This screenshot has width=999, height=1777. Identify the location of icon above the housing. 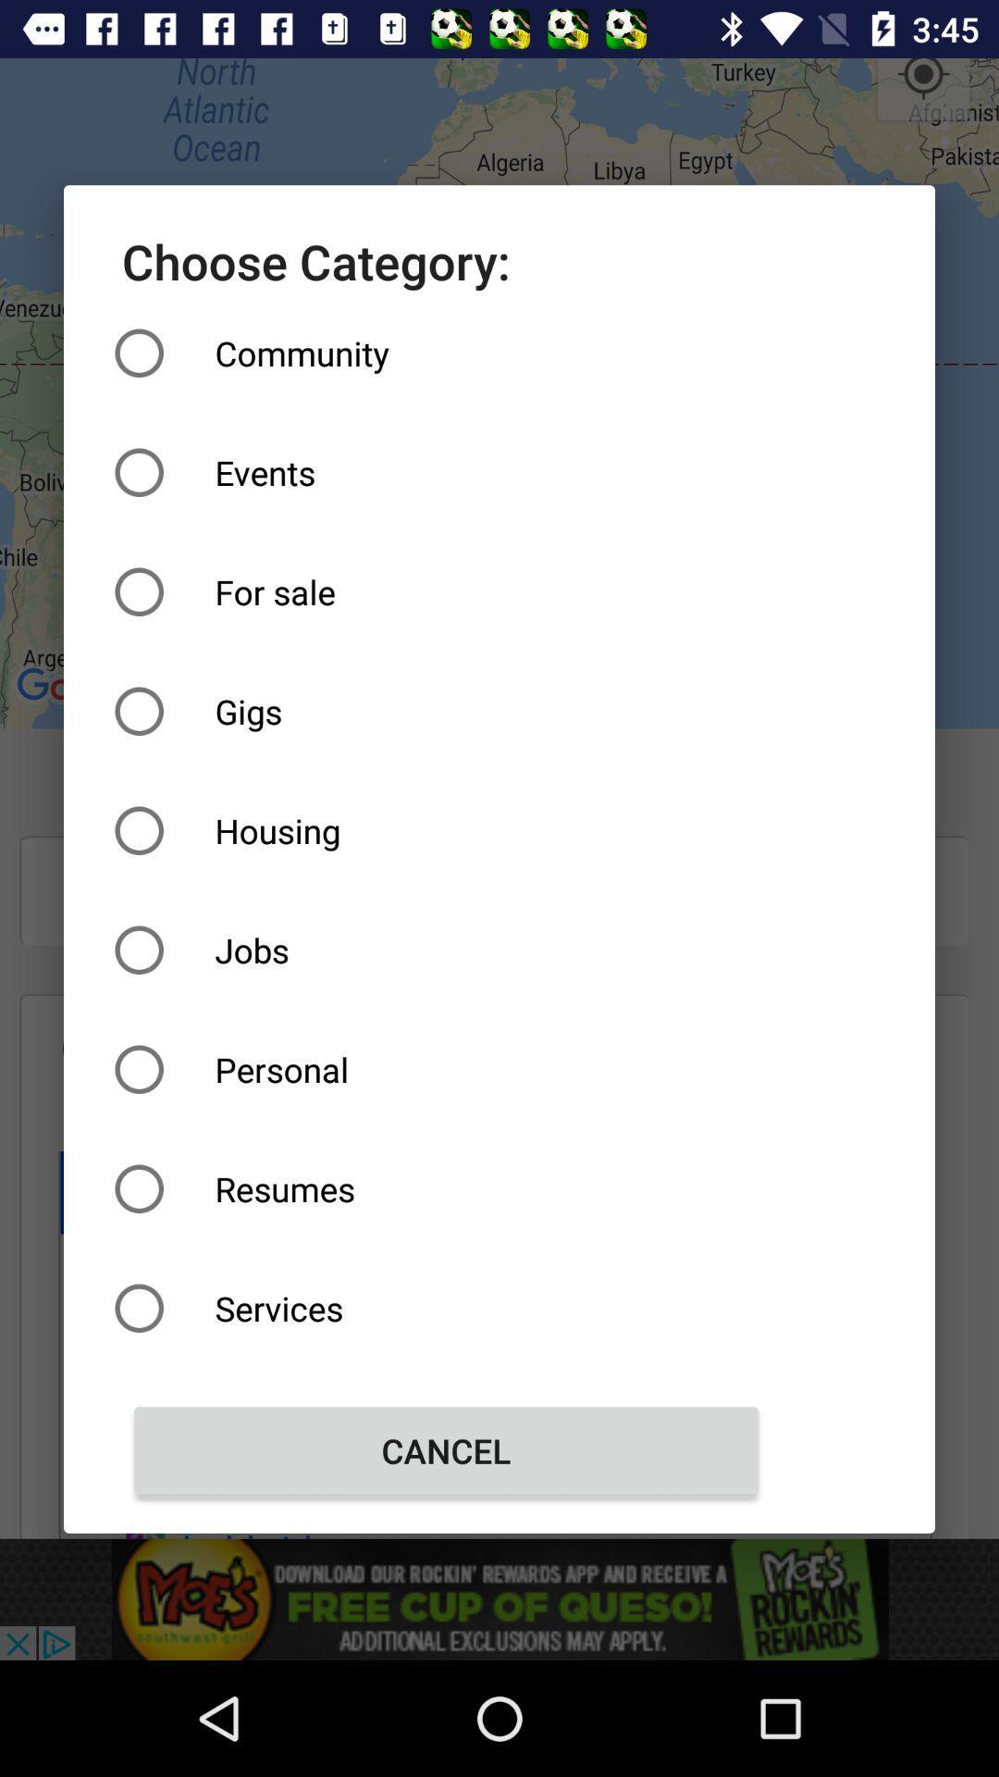
(446, 710).